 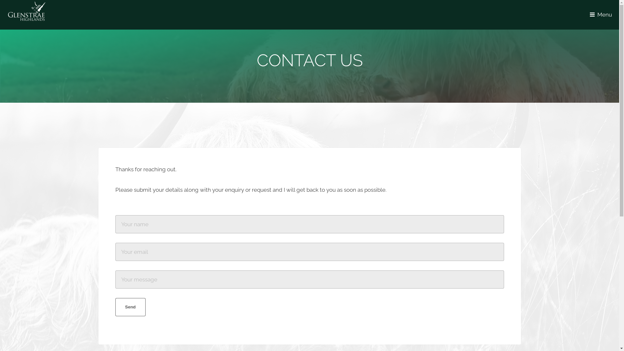 I want to click on 'Send', so click(x=130, y=307).